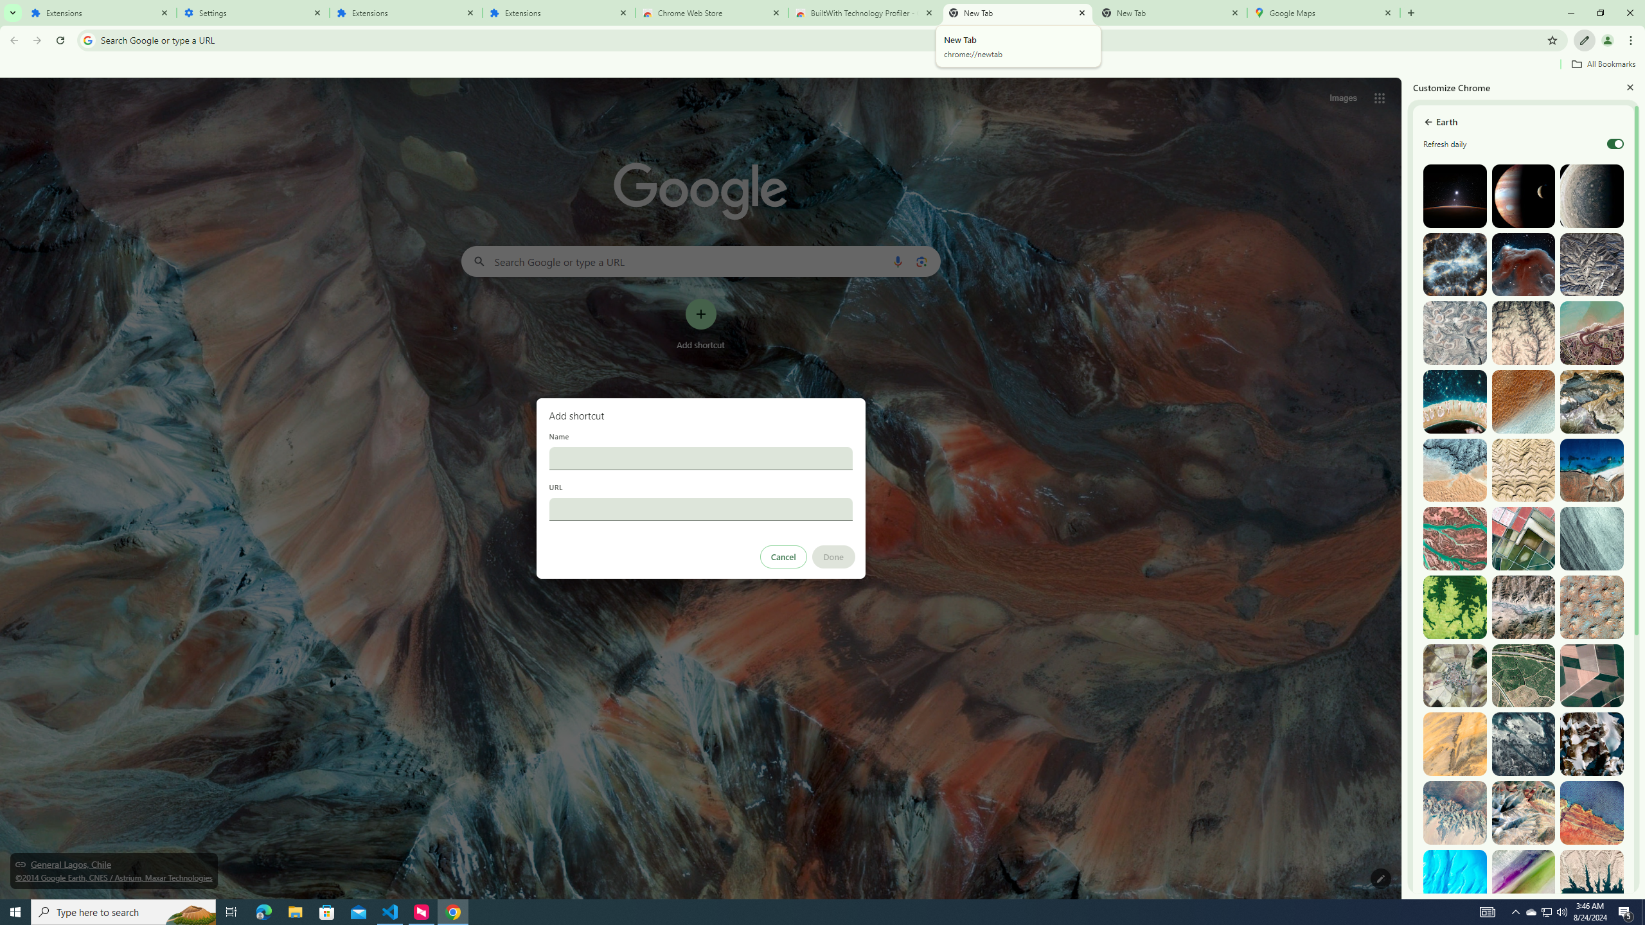 The height and width of the screenshot is (925, 1645). I want to click on 'Trarza, Mauritania', so click(1524, 401).